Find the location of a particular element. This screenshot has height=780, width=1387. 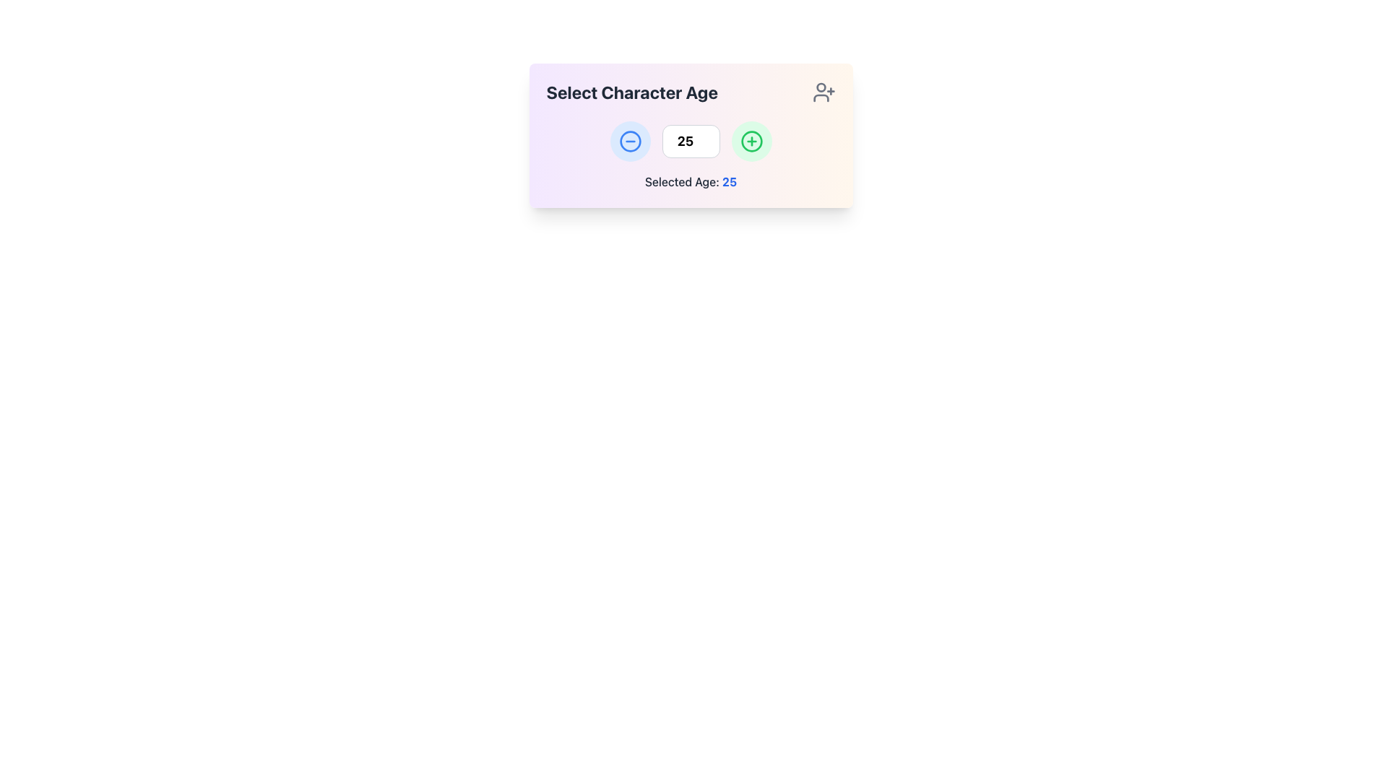

the circular button with a blue outline located within the 'Select Character Age' card is located at coordinates (630, 142).